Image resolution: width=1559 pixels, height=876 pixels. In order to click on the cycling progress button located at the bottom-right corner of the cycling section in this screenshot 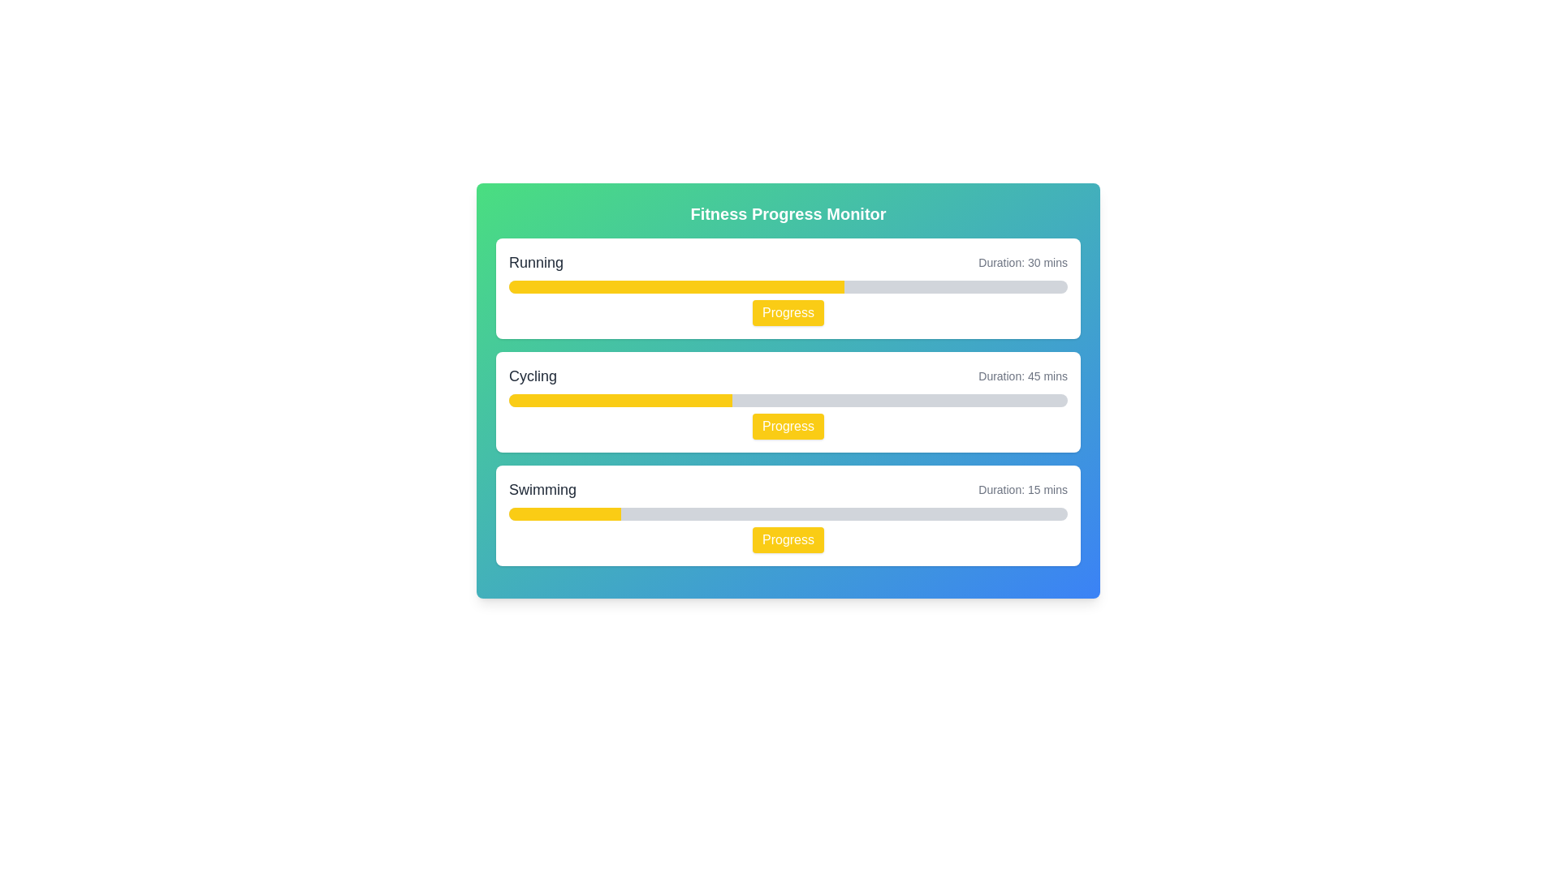, I will do `click(788, 425)`.